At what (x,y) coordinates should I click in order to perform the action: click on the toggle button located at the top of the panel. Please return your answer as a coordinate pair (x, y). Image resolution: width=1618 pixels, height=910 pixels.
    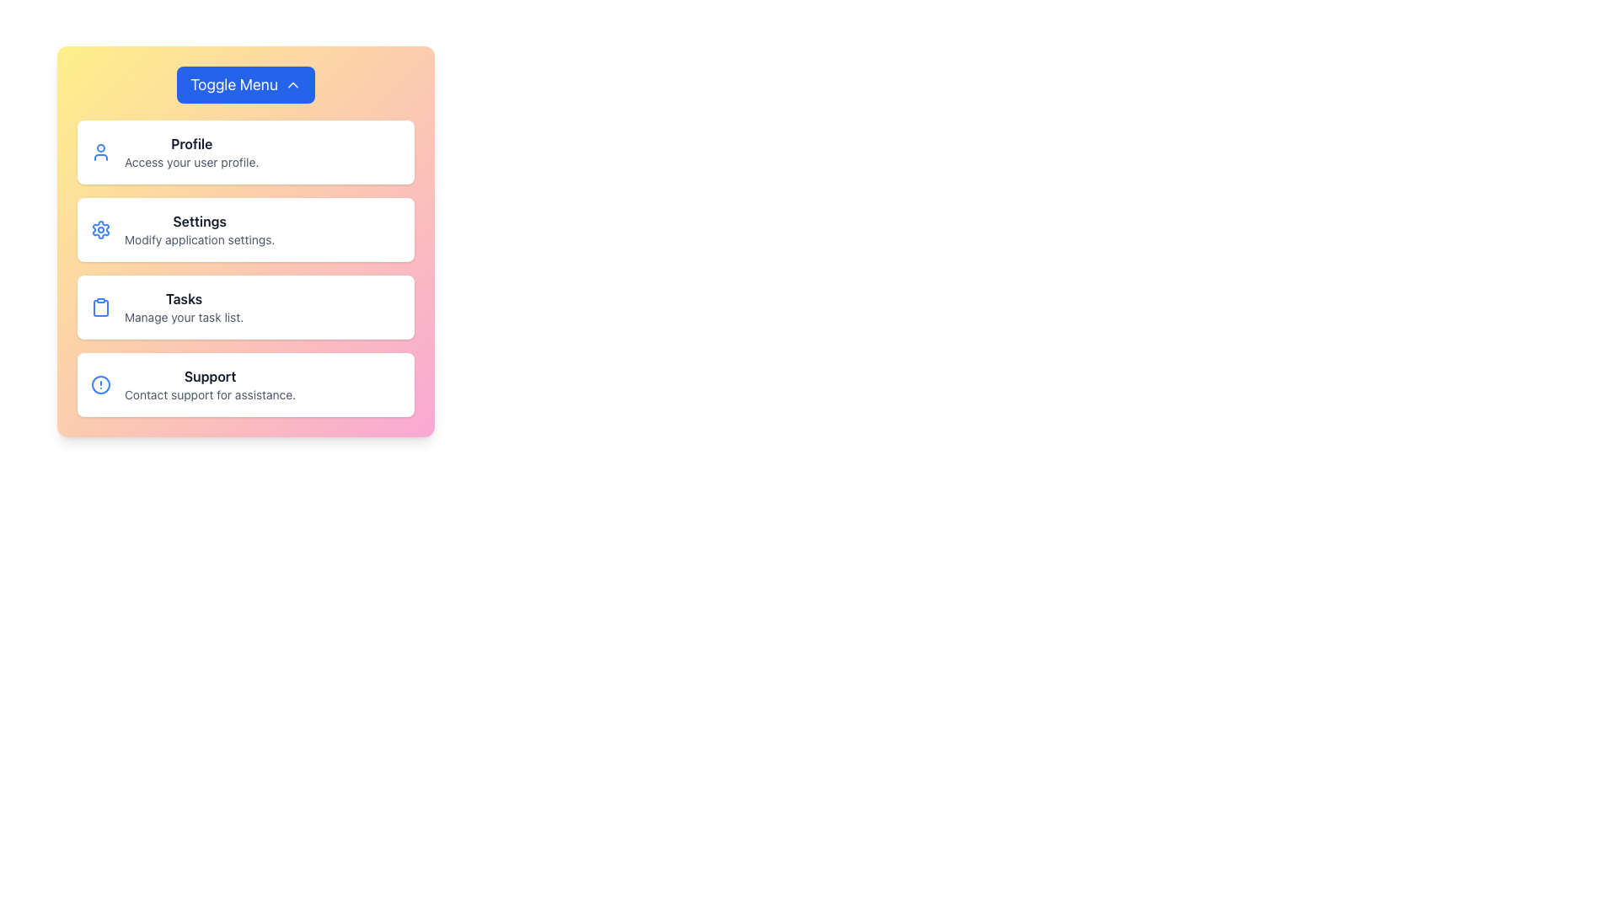
    Looking at the image, I should click on (245, 84).